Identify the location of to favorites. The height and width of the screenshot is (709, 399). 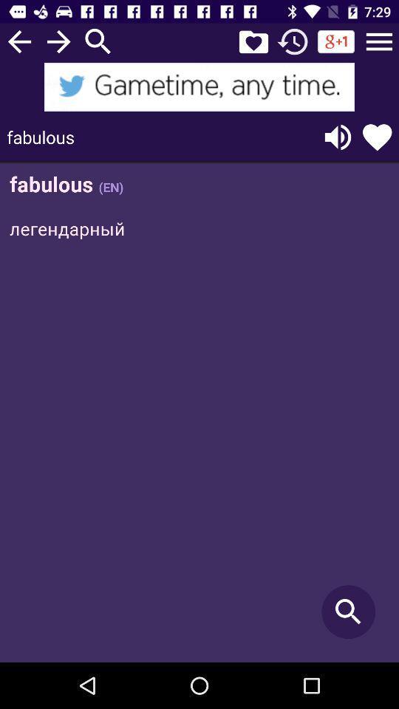
(253, 41).